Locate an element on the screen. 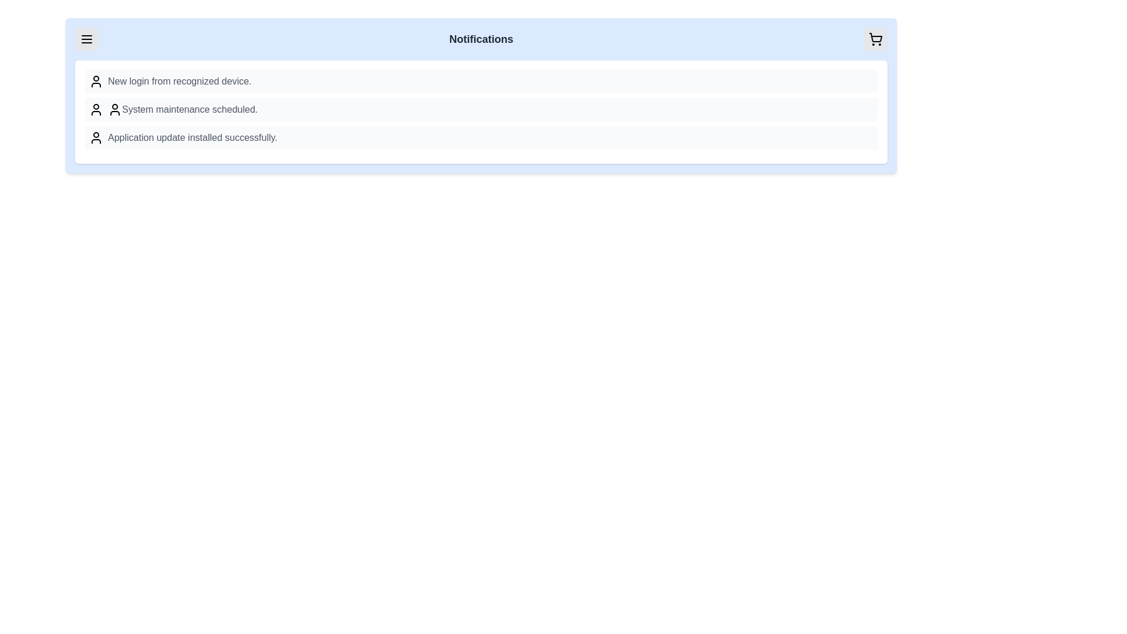 The height and width of the screenshot is (634, 1127). the third notification in the vertically stacked list within the 'Notifications' panel that displays a status notification regarding an application update is located at coordinates (481, 137).